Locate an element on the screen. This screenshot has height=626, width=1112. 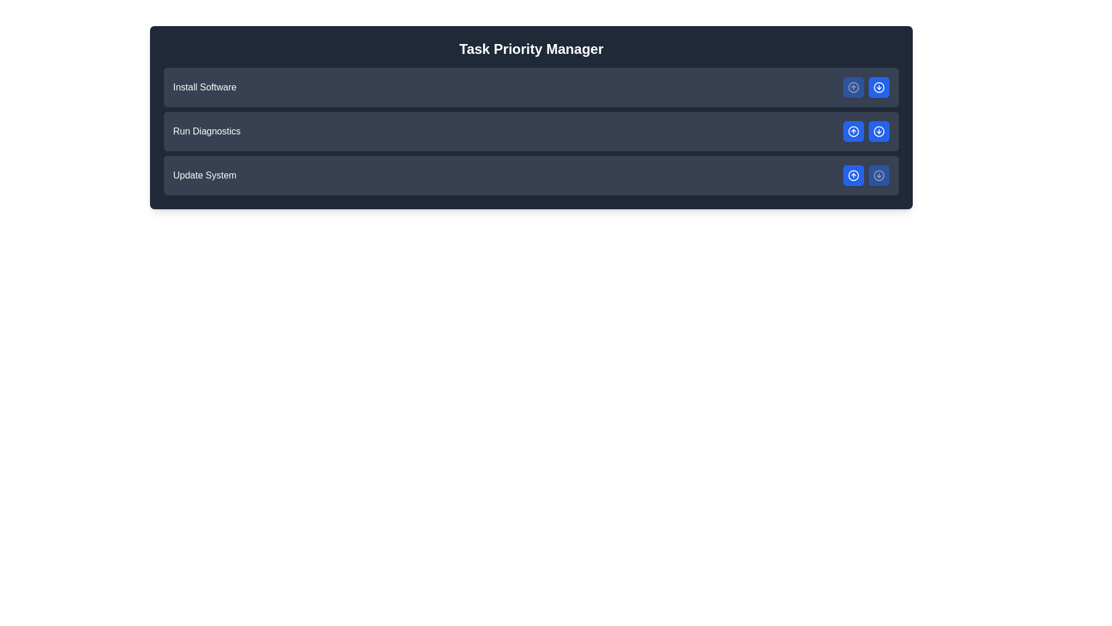
the leftmost graphical button with an icon located is located at coordinates (853, 176).